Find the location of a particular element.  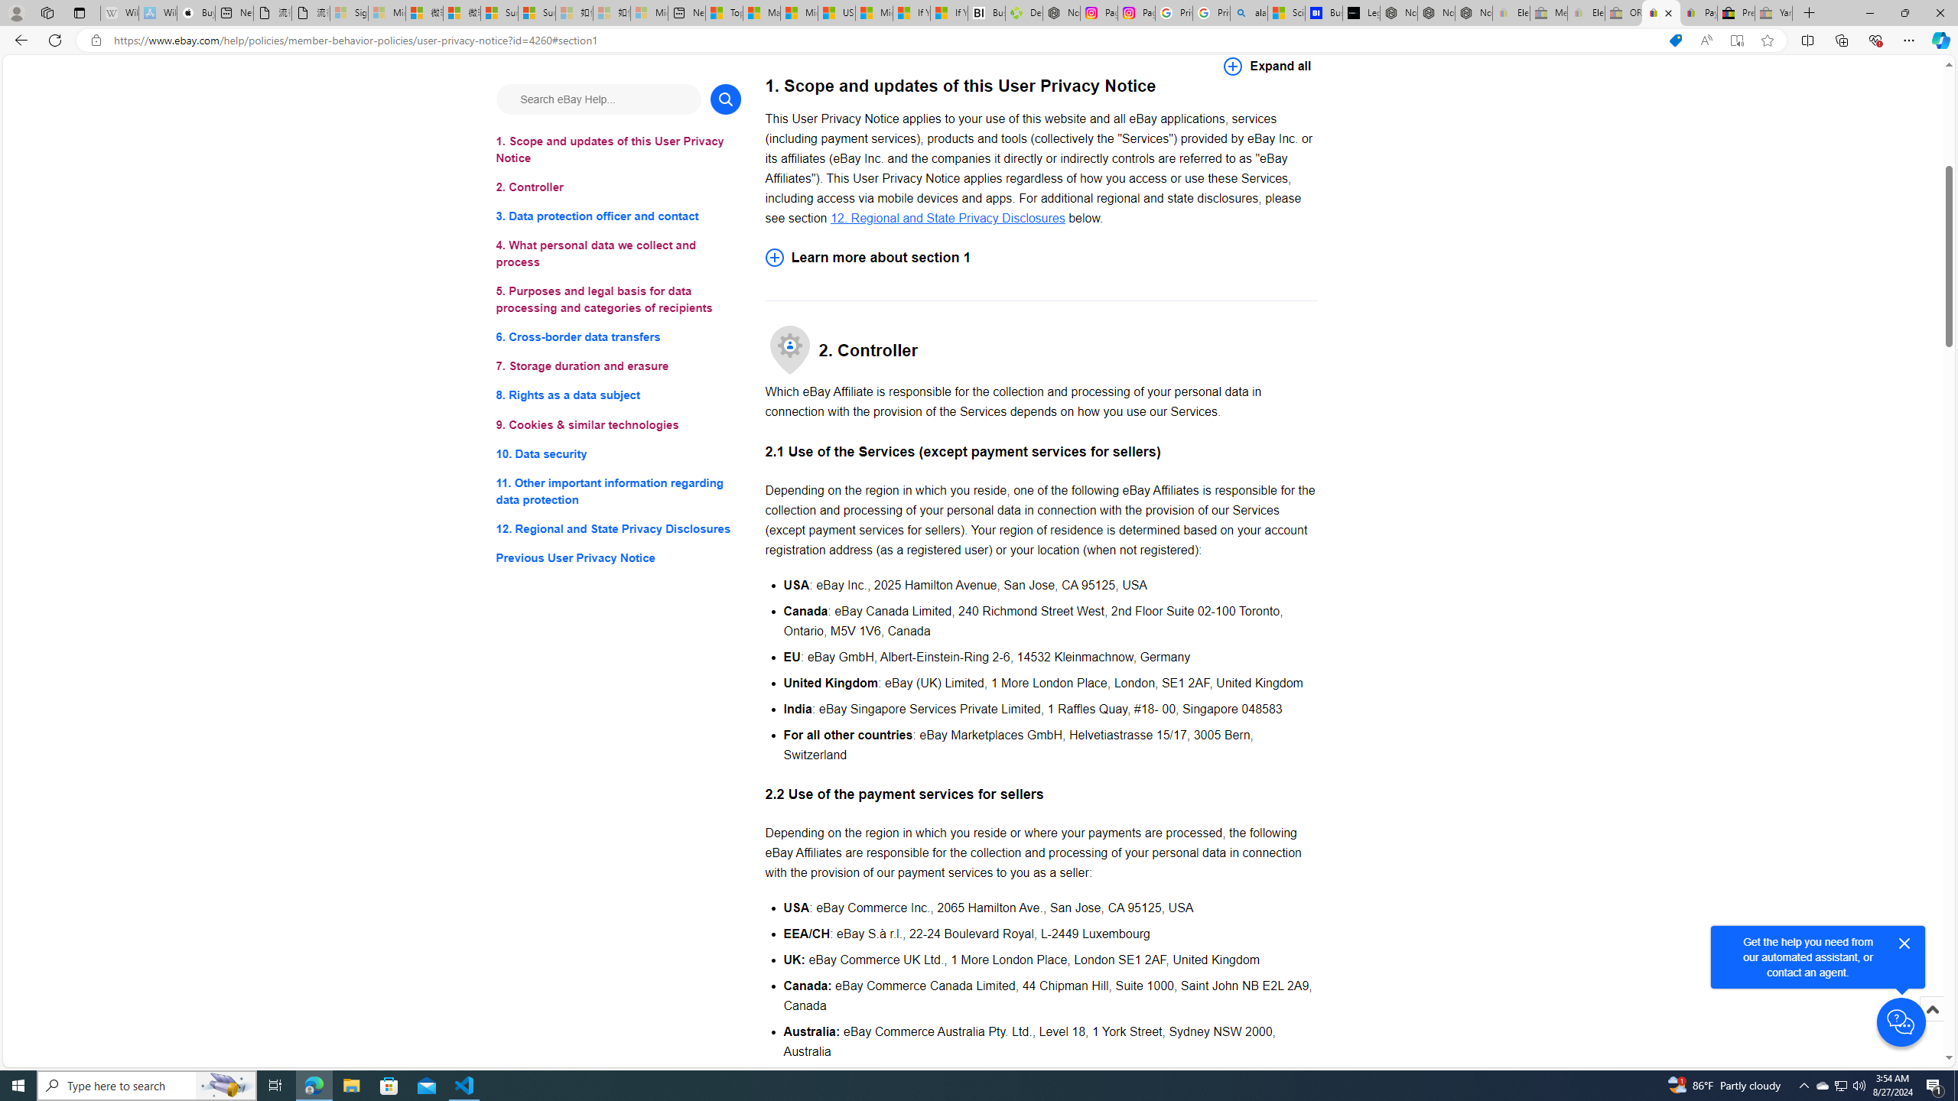

'4. What personal data we collect and process' is located at coordinates (617, 254).